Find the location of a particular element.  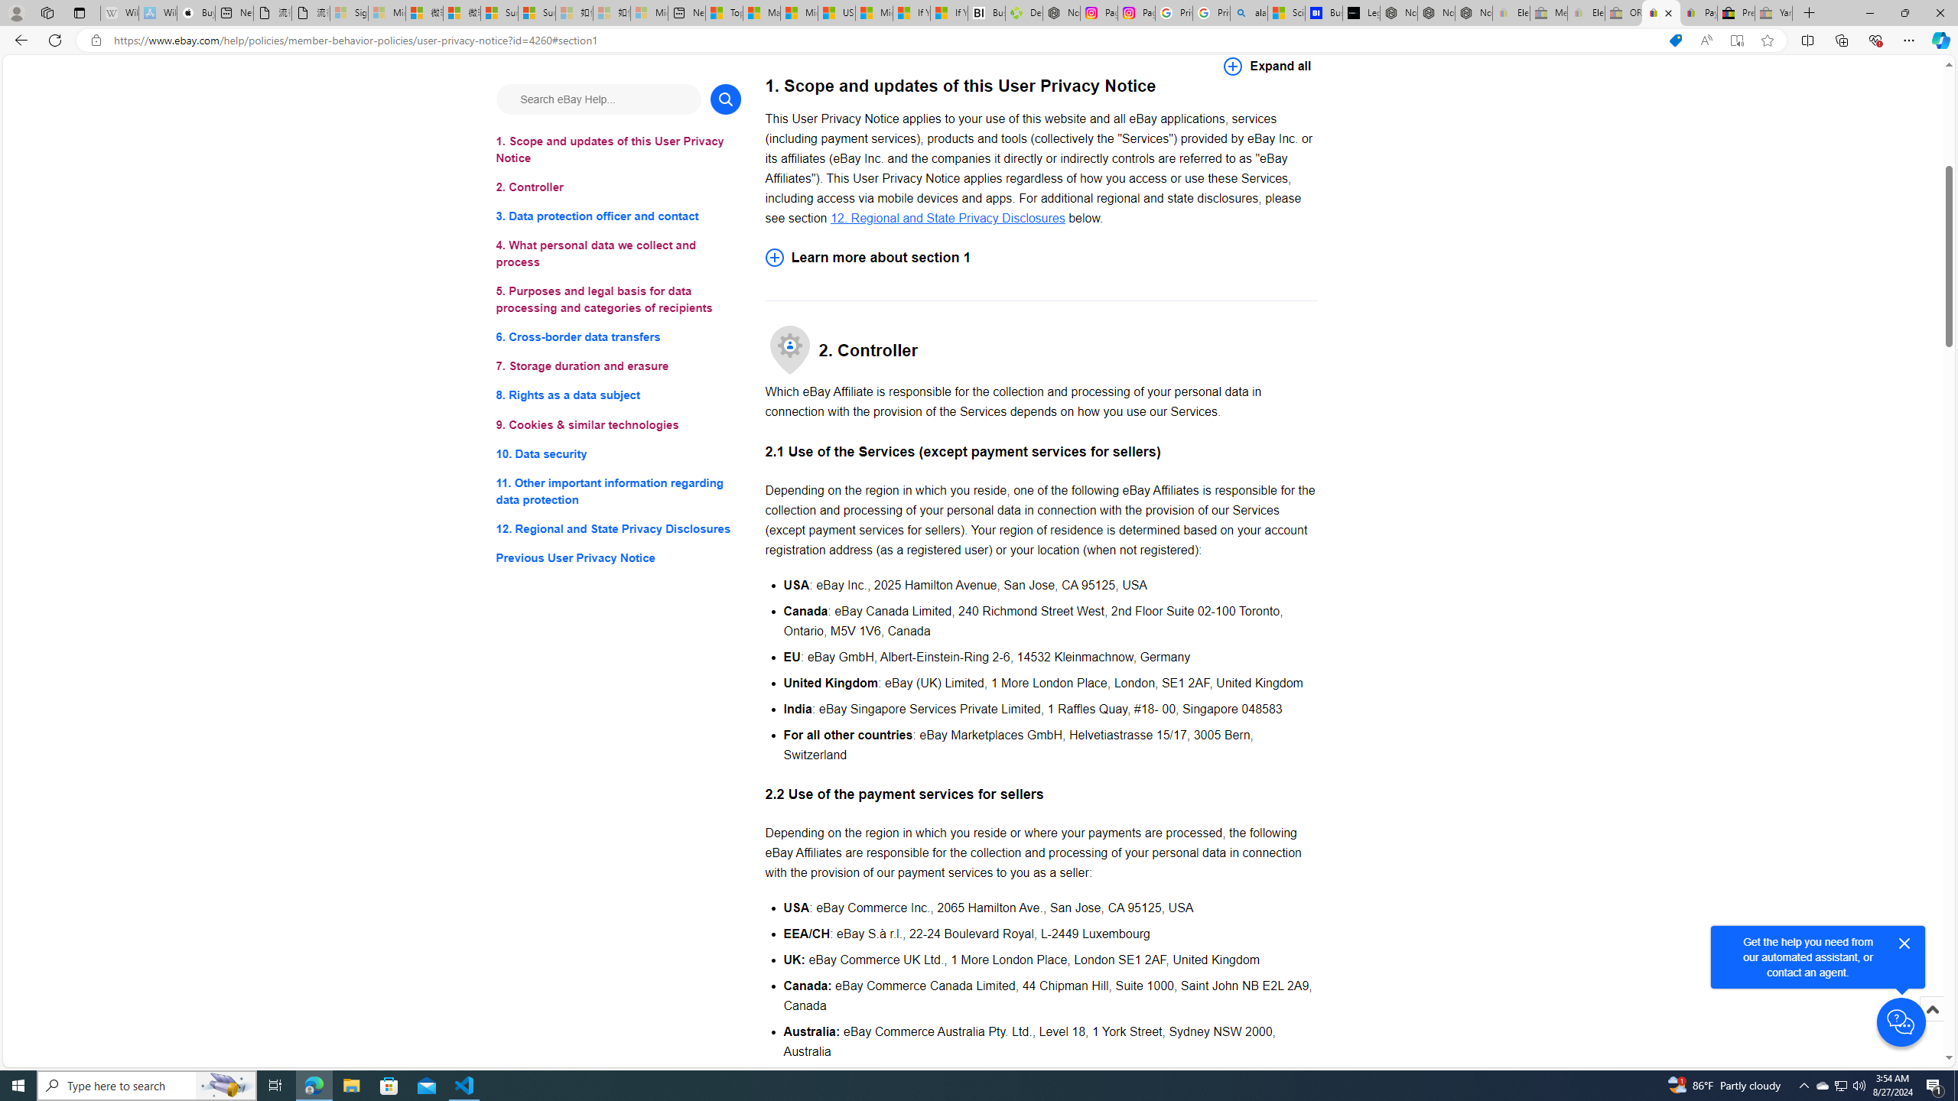

'4. What personal data we collect and process' is located at coordinates (617, 254).